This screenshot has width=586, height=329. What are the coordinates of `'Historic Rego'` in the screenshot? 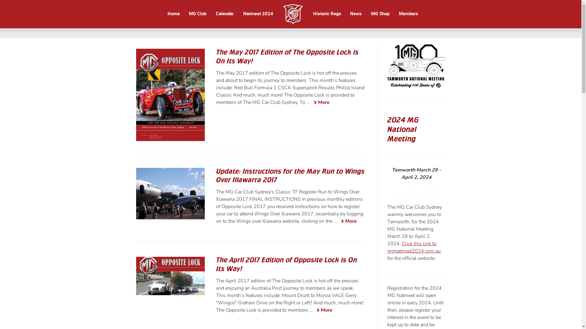 It's located at (312, 13).